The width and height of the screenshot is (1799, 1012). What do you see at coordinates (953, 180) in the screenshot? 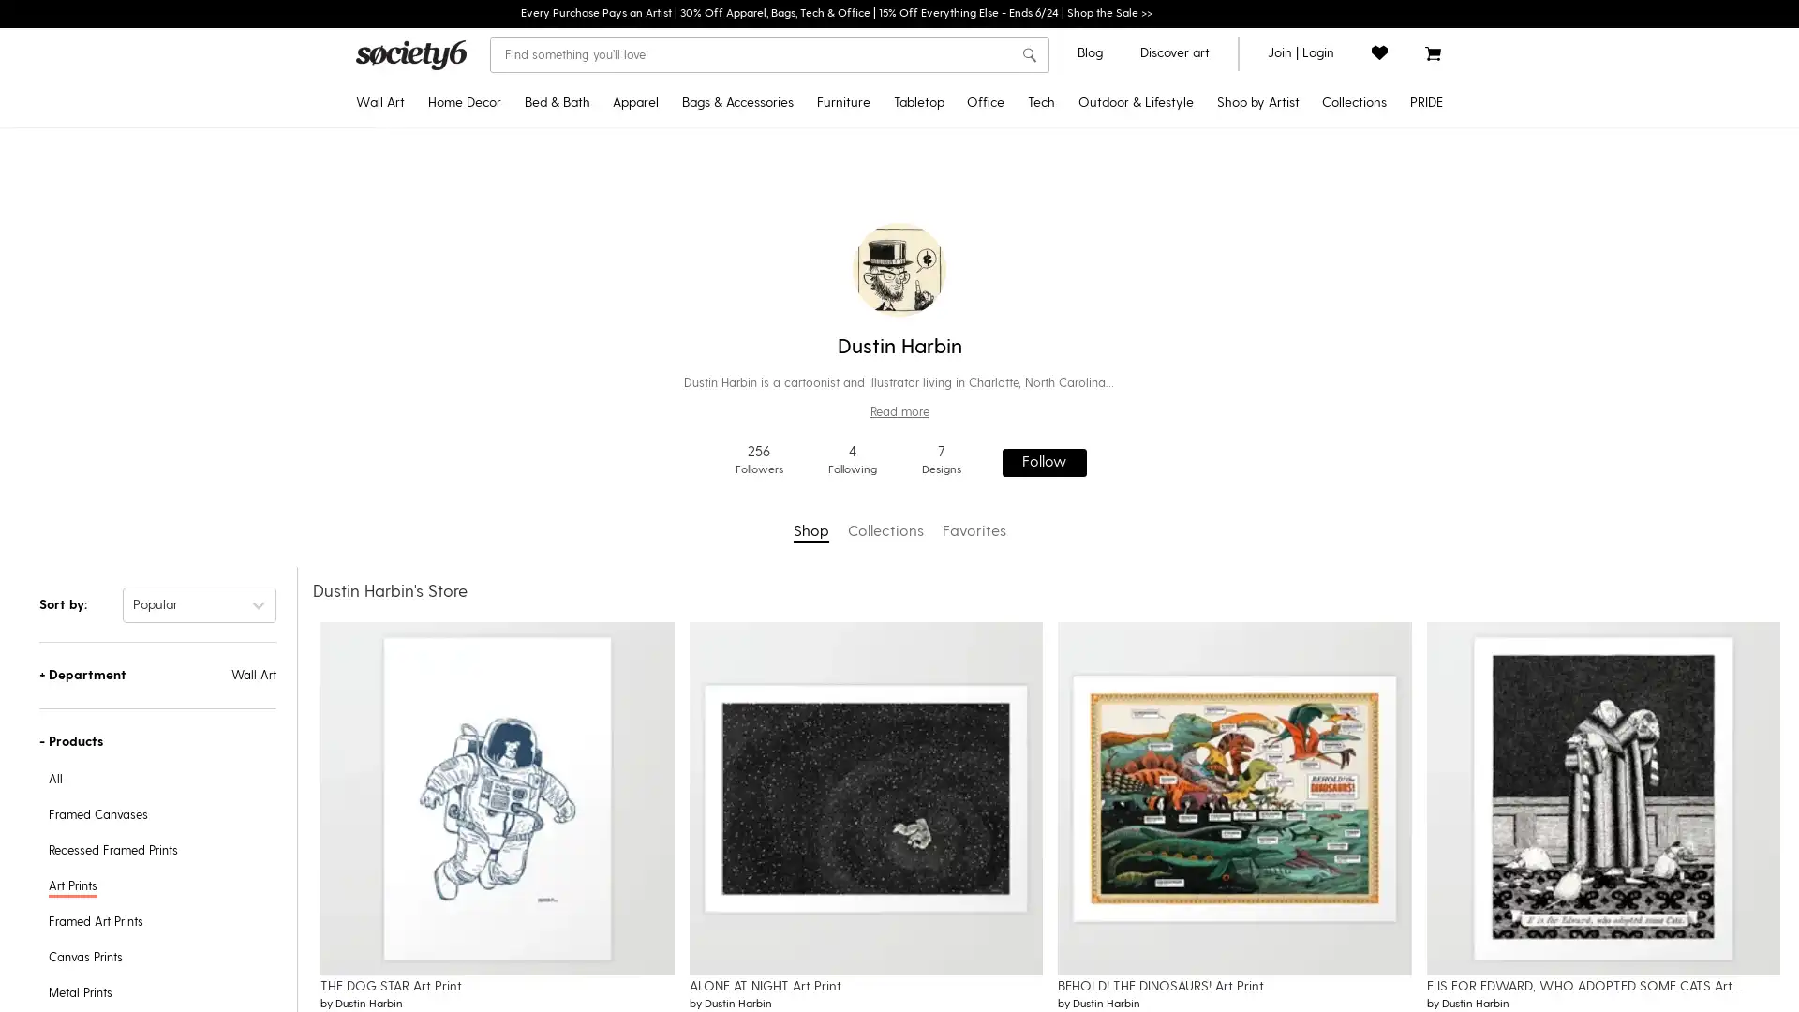
I see `Travel Mugs` at bounding box center [953, 180].